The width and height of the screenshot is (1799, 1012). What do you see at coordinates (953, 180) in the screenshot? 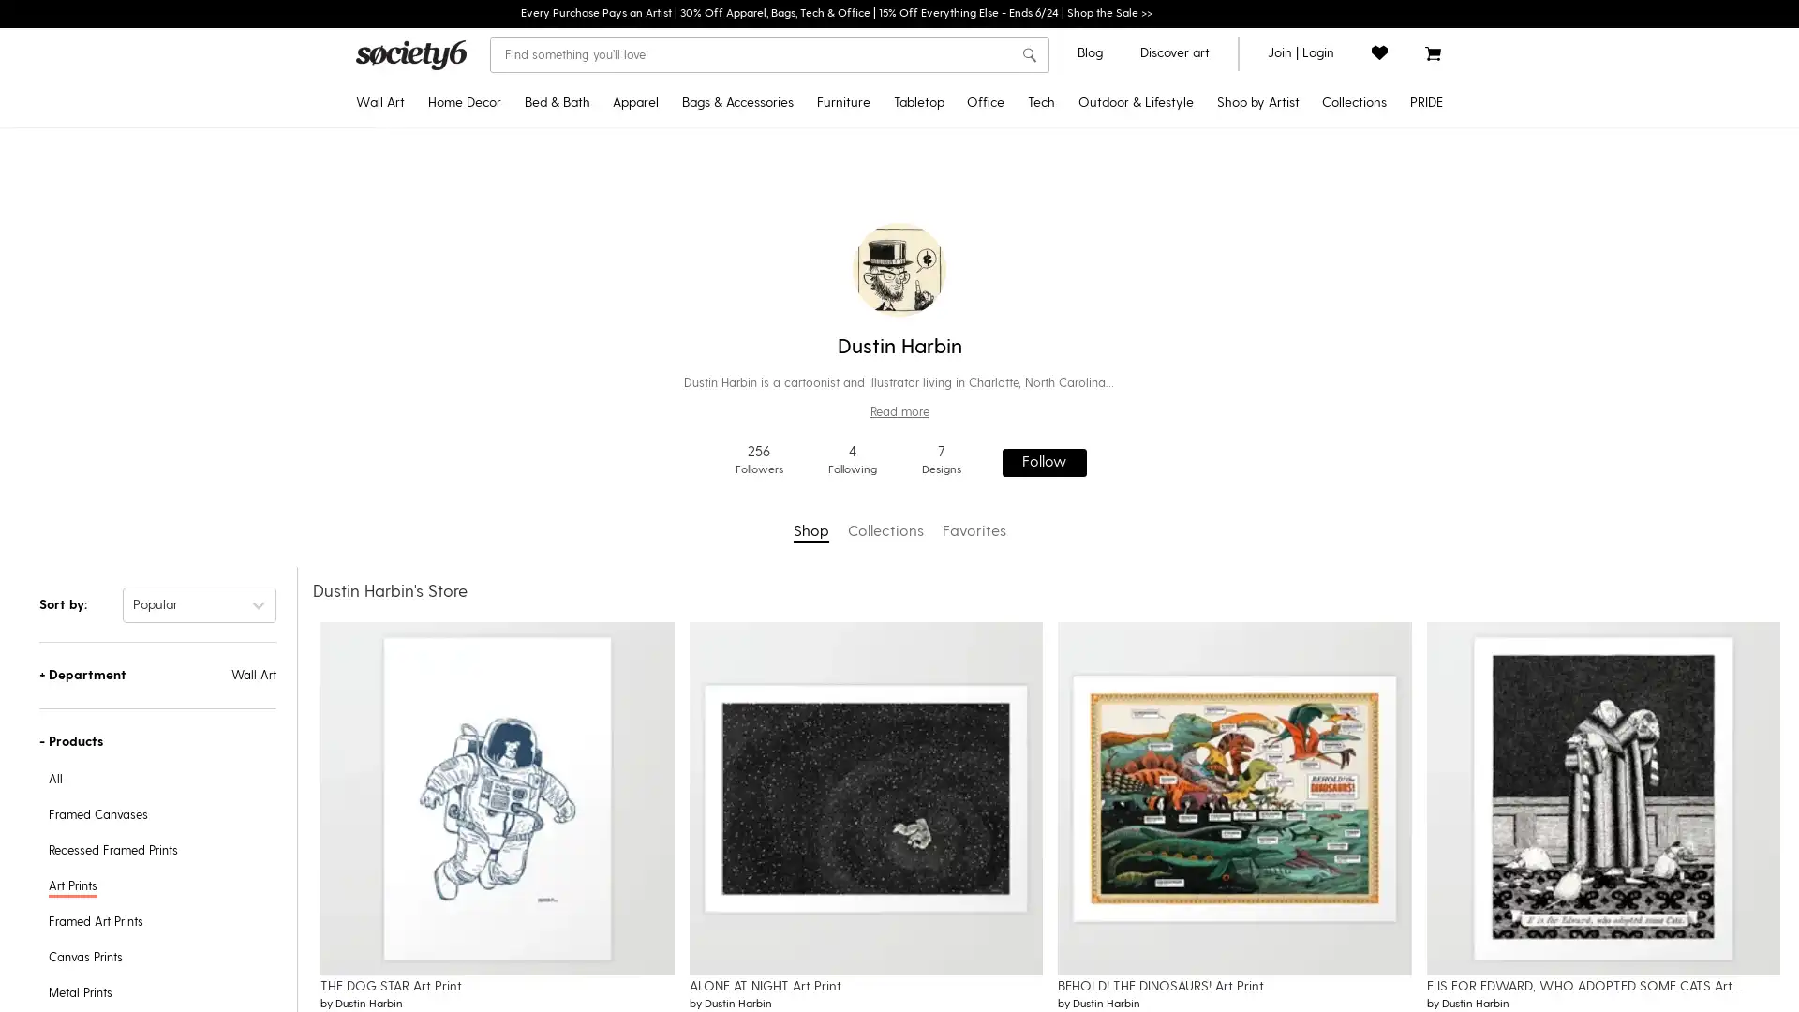
I see `Travel Mugs` at bounding box center [953, 180].